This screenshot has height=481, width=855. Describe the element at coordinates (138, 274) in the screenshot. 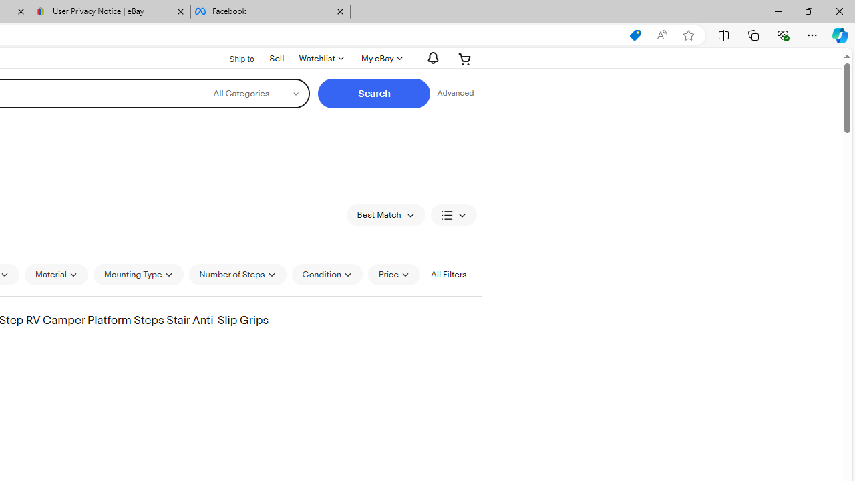

I see `'Mounting Type'` at that location.